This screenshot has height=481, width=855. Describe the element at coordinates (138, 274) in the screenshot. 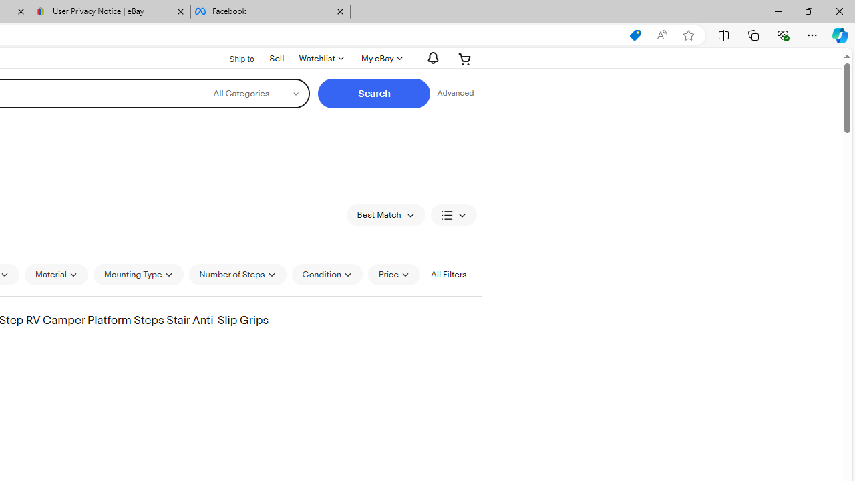

I see `'Mounting Type'` at that location.